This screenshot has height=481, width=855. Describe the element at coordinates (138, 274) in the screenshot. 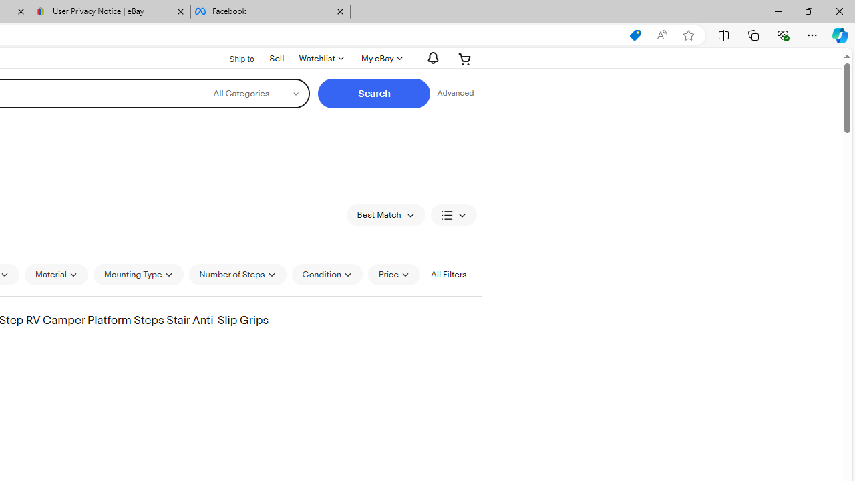

I see `'Mounting Type'` at that location.